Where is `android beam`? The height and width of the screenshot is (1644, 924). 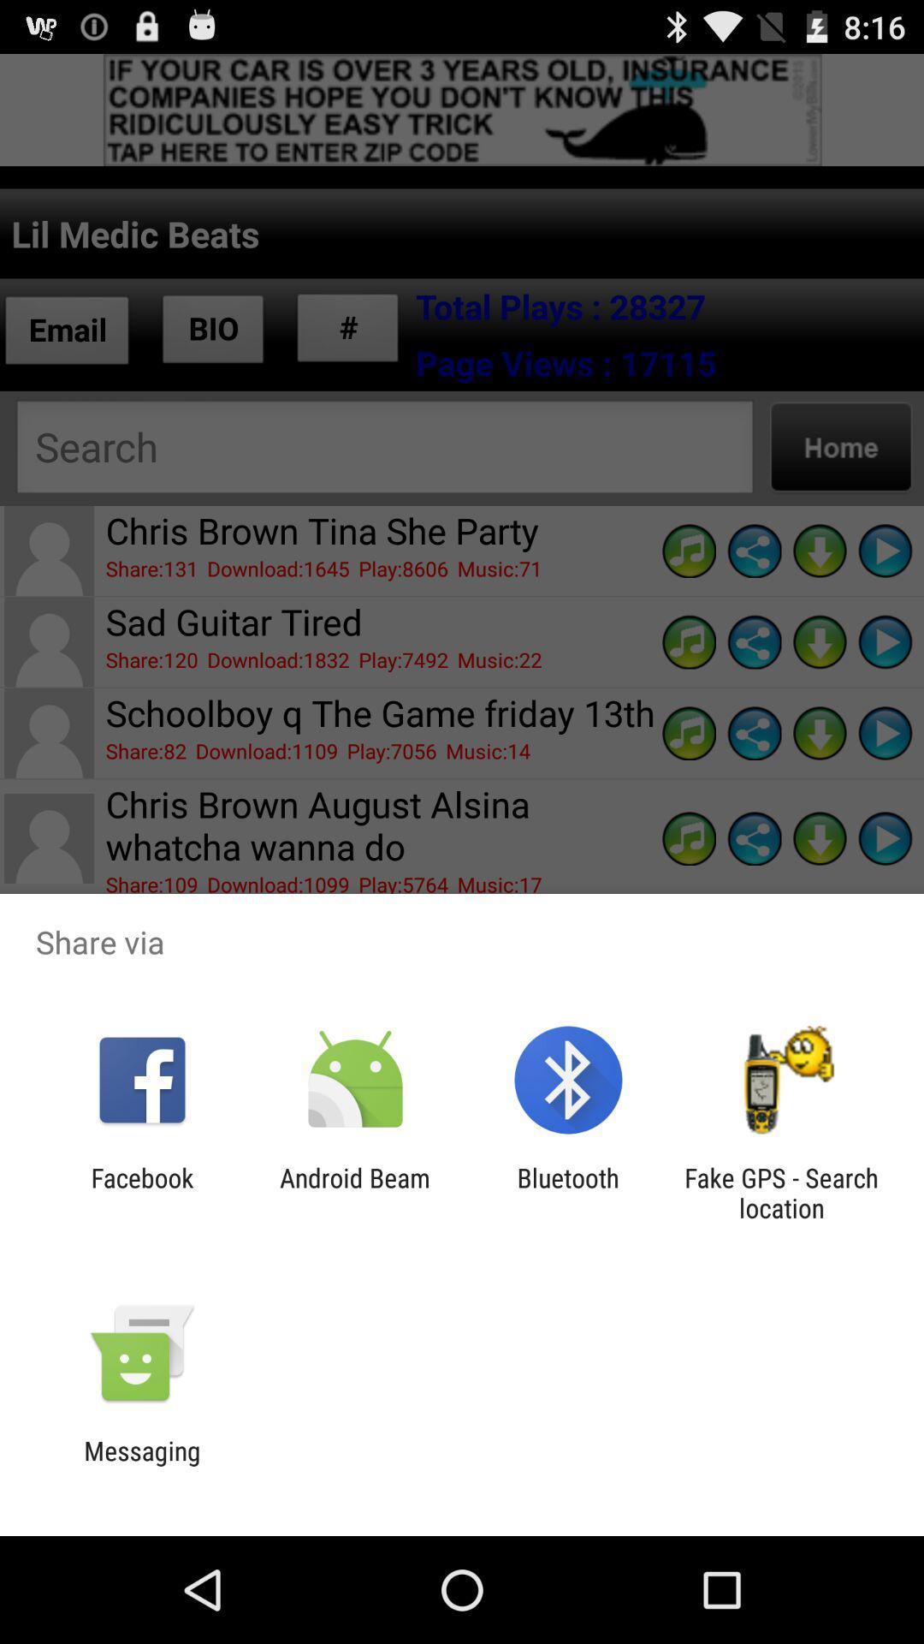 android beam is located at coordinates (354, 1192).